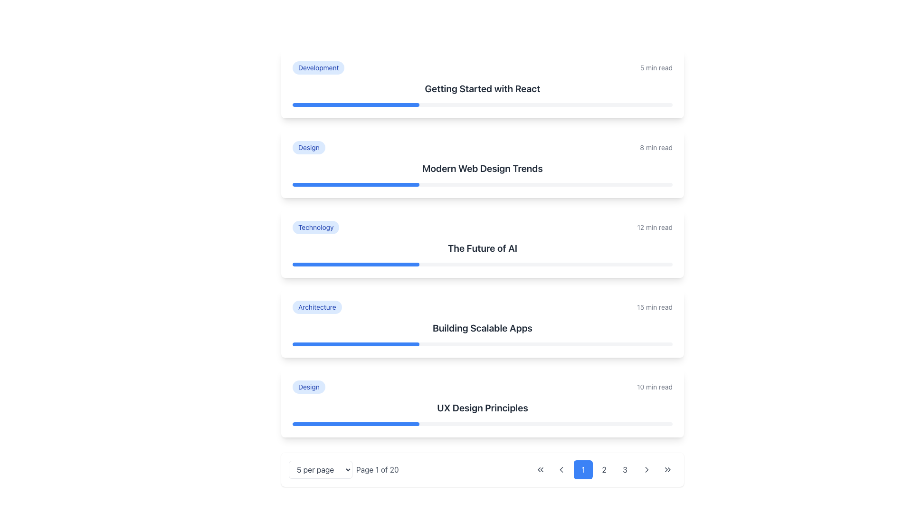 This screenshot has height=513, width=912. I want to click on the navigation arrows on the pagination control bar located at the bottom of the display to change the page, so click(483, 469).